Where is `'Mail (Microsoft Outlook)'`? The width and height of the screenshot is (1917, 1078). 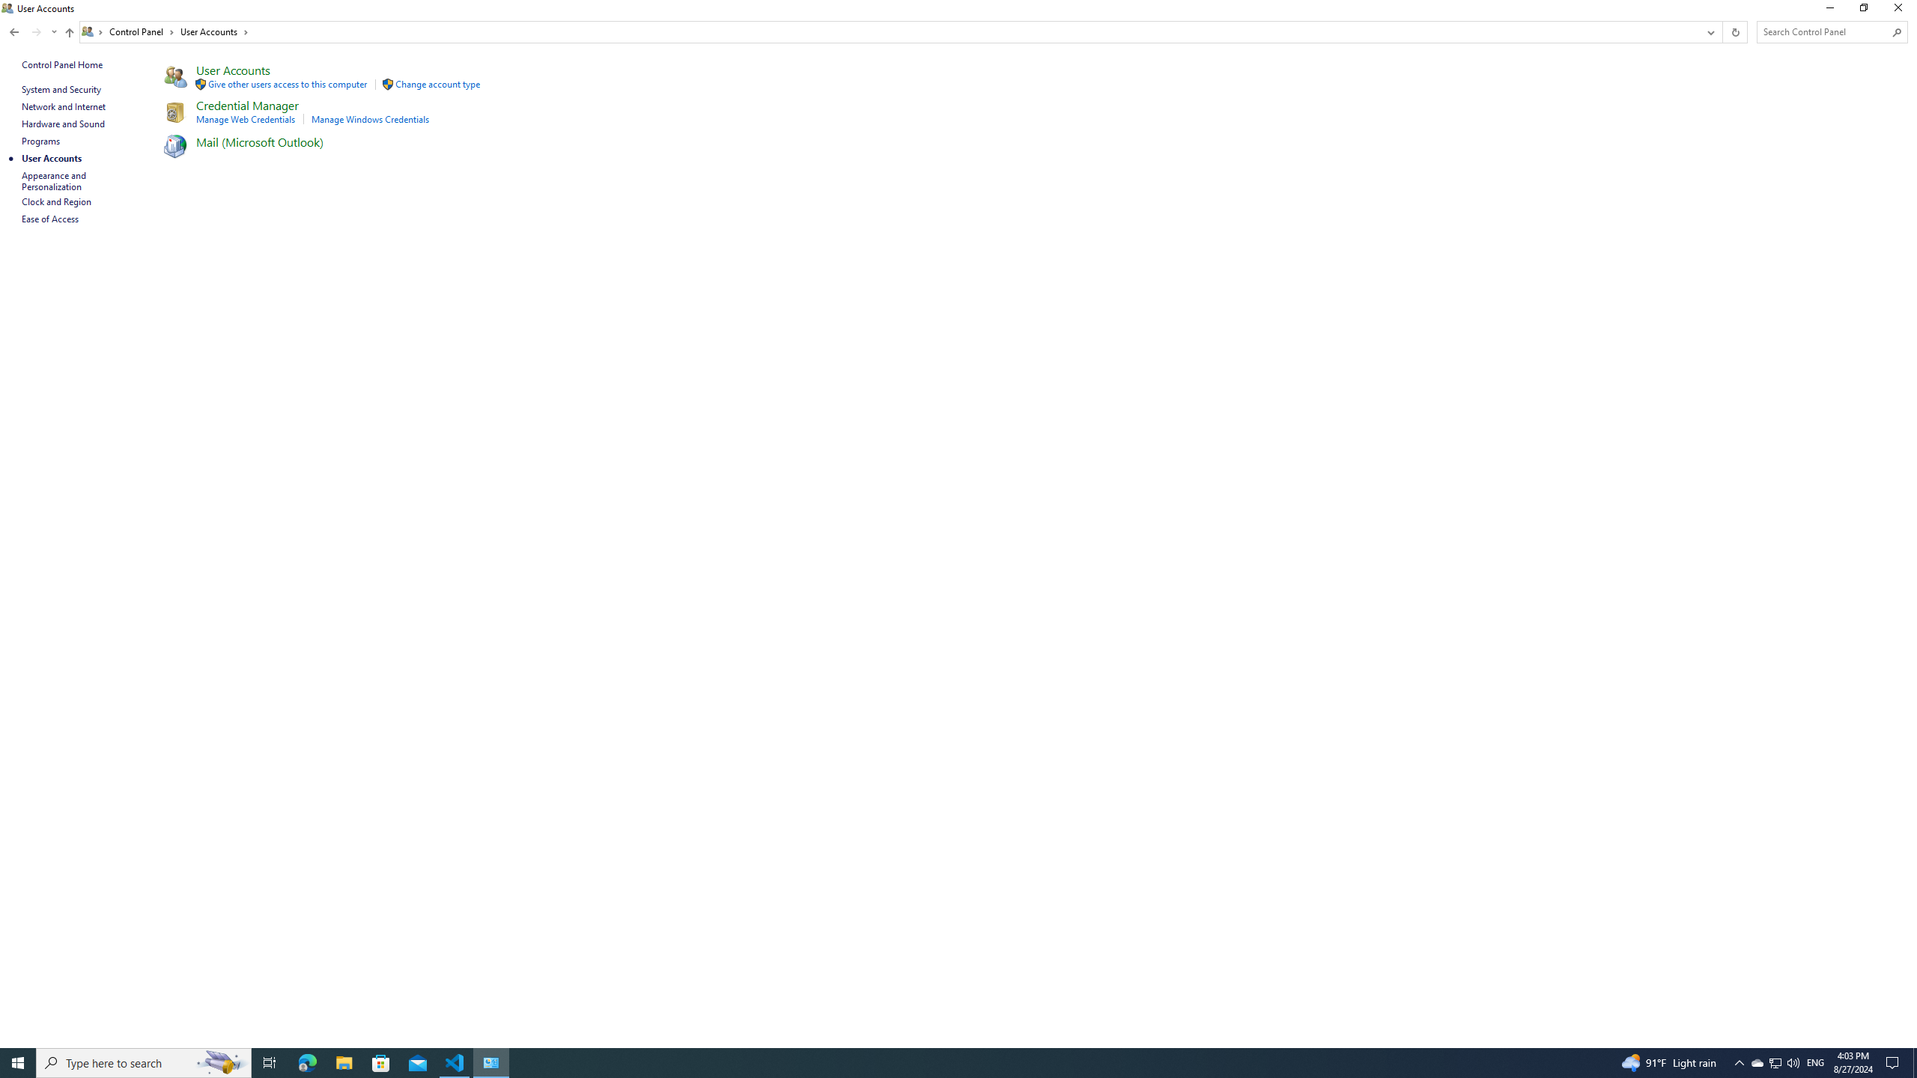
'Mail (Microsoft Outlook)' is located at coordinates (260, 141).